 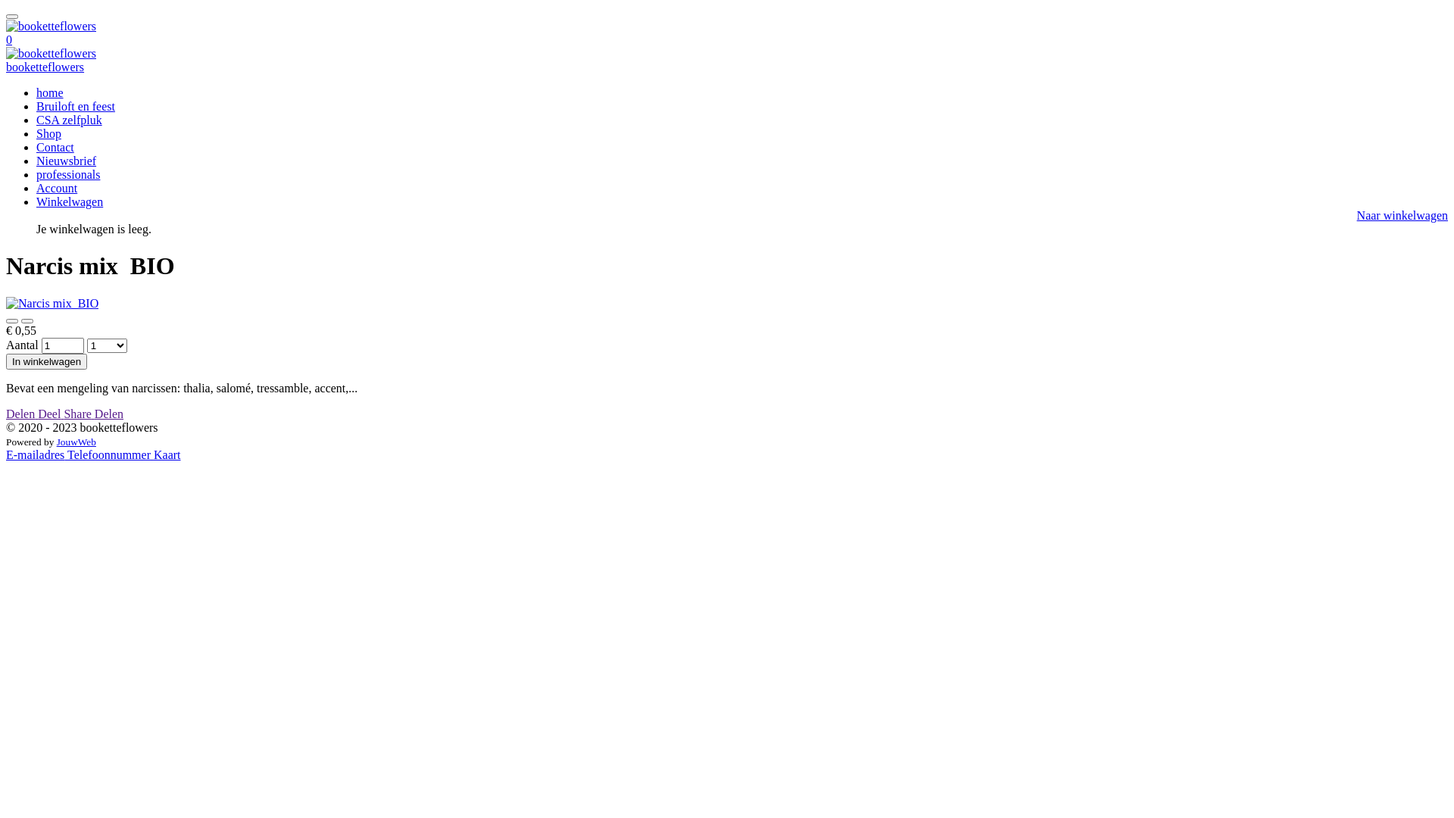 I want to click on '0', so click(x=9, y=39).